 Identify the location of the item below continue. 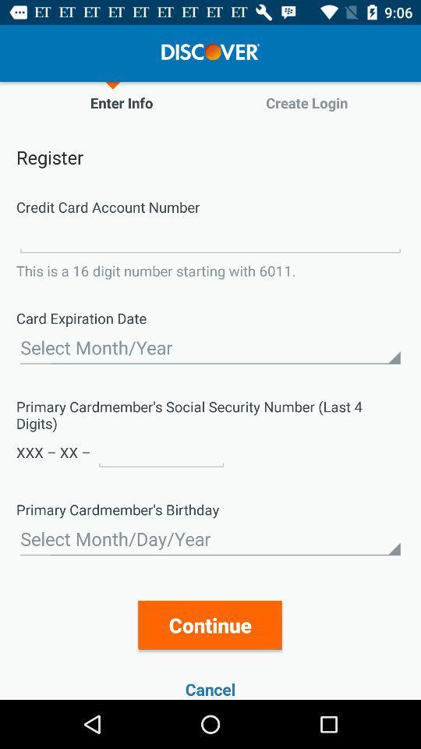
(210, 689).